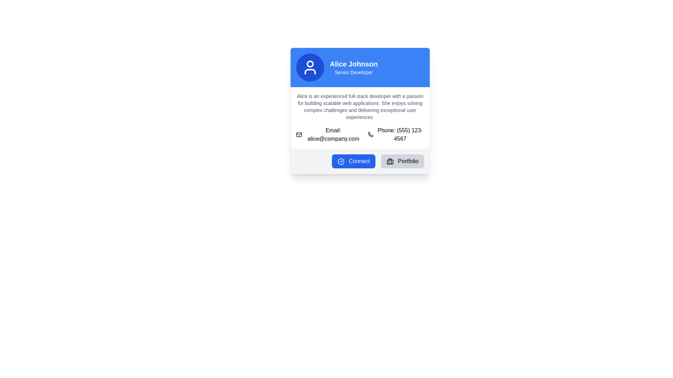  What do you see at coordinates (360, 117) in the screenshot?
I see `information from the informational block containing Alice's details, which includes her experience as a developer and her contact information` at bounding box center [360, 117].